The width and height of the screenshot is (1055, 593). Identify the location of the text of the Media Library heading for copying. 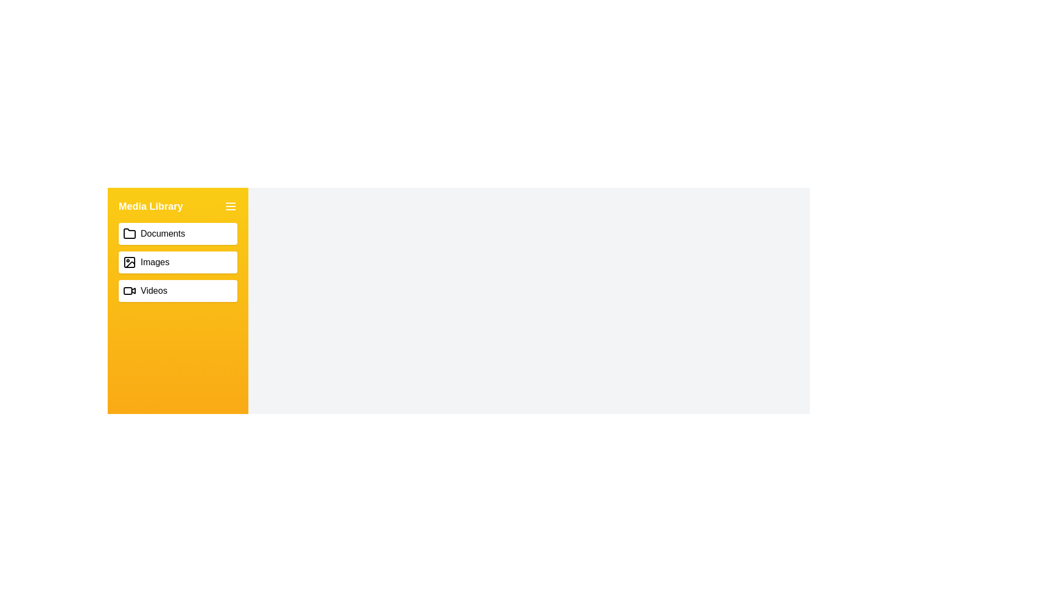
(178, 206).